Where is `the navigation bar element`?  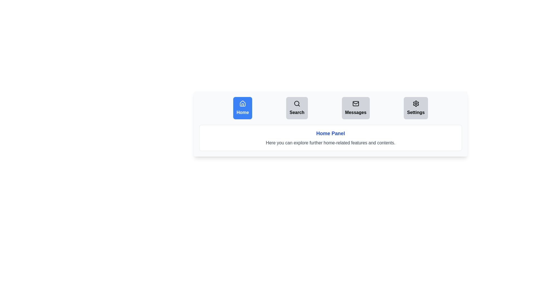
the navigation bar element is located at coordinates (330, 108).